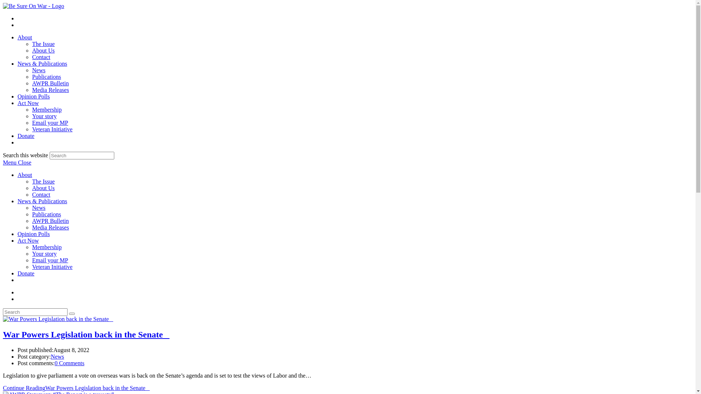 Image resolution: width=701 pixels, height=394 pixels. Describe the element at coordinates (44, 253) in the screenshot. I see `'Your story'` at that location.